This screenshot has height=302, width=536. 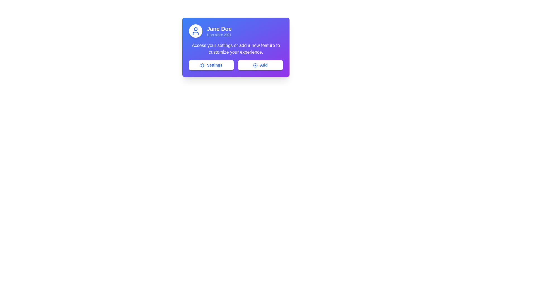 What do you see at coordinates (236, 65) in the screenshot?
I see `the vertical Divider located between the 'Settings' button and the 'Add' button` at bounding box center [236, 65].